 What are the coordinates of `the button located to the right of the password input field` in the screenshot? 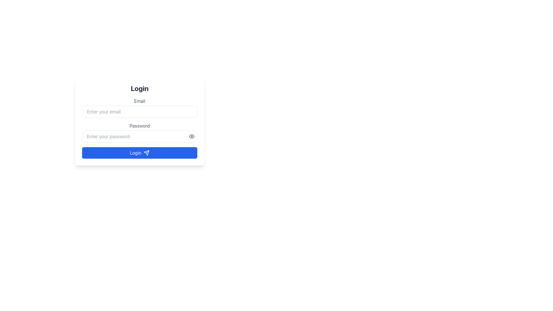 It's located at (192, 136).